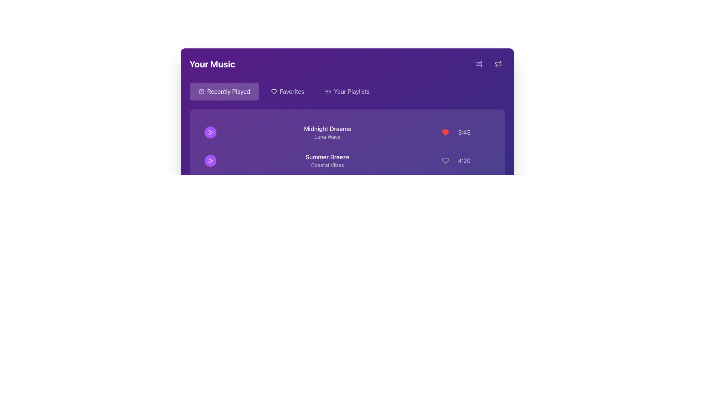  What do you see at coordinates (327, 156) in the screenshot?
I see `text label that serves as the title for the music track positioned below 'Midnight Dreams' and above 'Coastal Vibes'` at bounding box center [327, 156].